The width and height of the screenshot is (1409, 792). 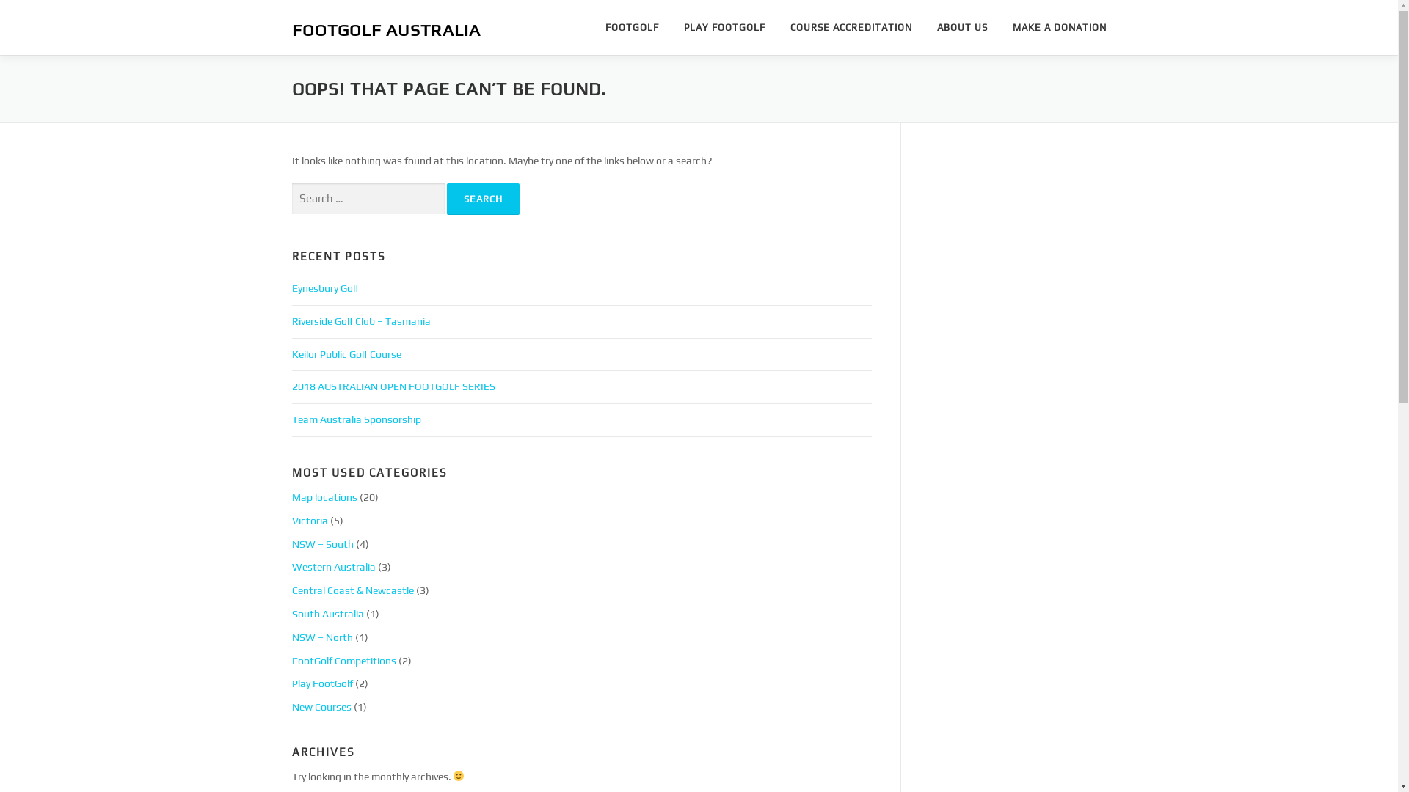 I want to click on 'Keilor Public Golf Course', so click(x=292, y=353).